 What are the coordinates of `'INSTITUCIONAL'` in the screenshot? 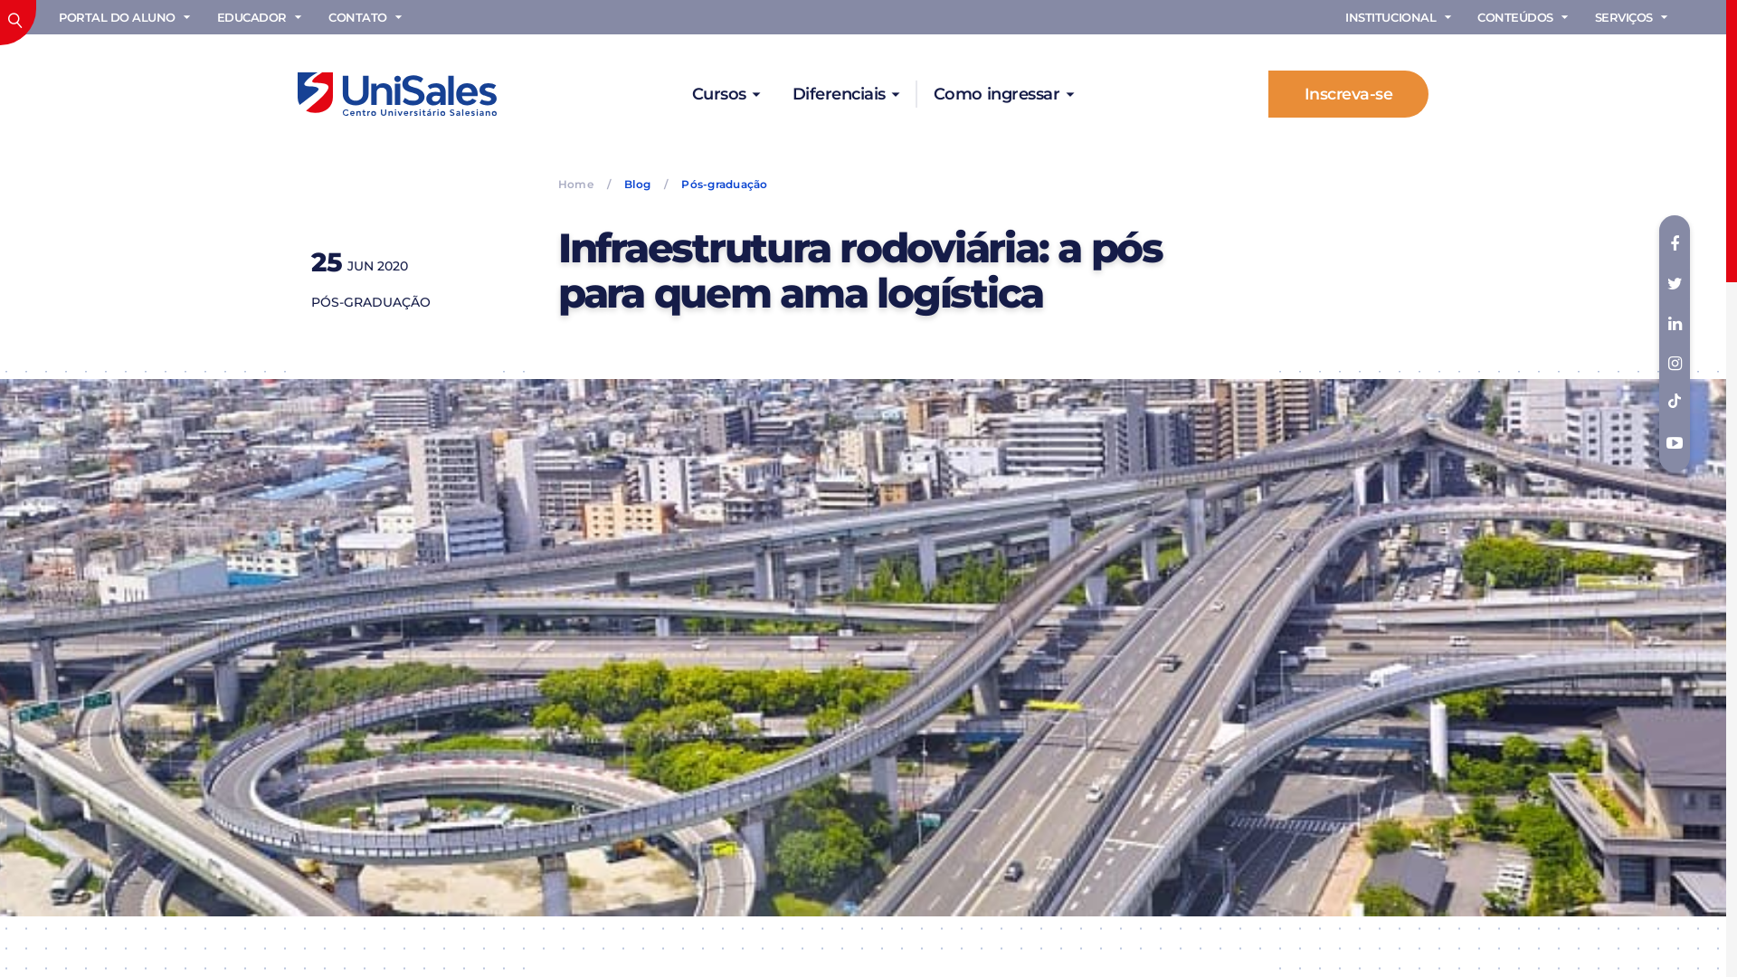 It's located at (1398, 17).